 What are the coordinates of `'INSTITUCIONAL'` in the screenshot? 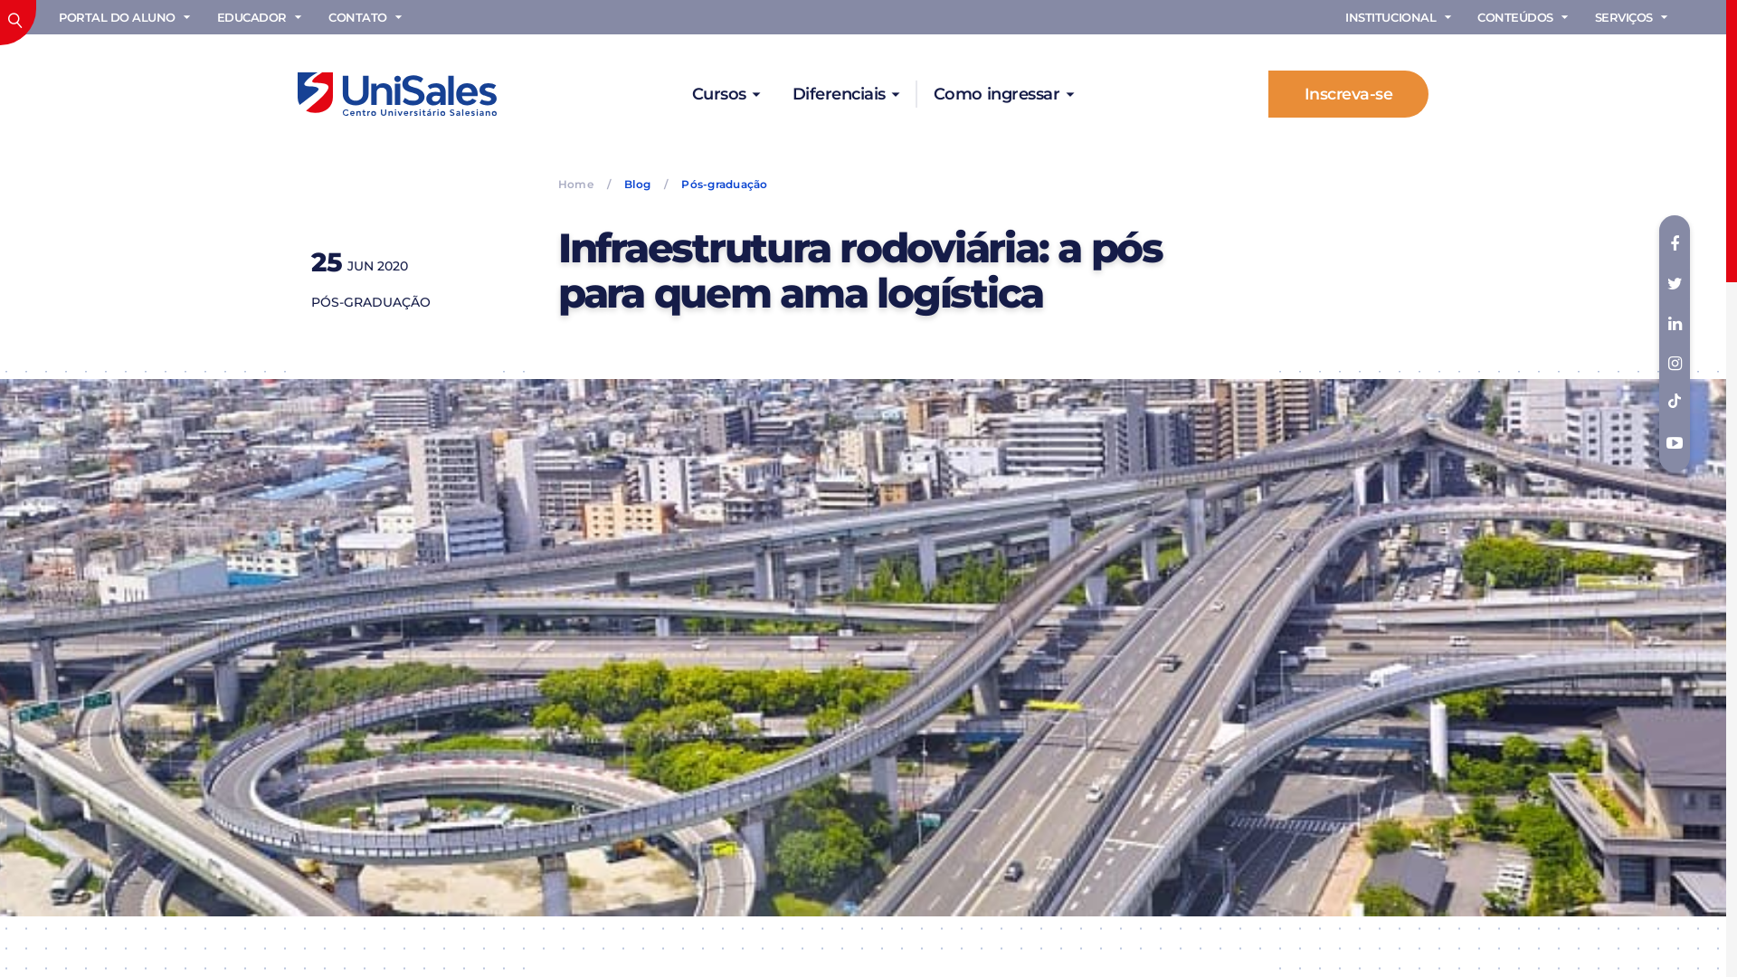 It's located at (1398, 17).